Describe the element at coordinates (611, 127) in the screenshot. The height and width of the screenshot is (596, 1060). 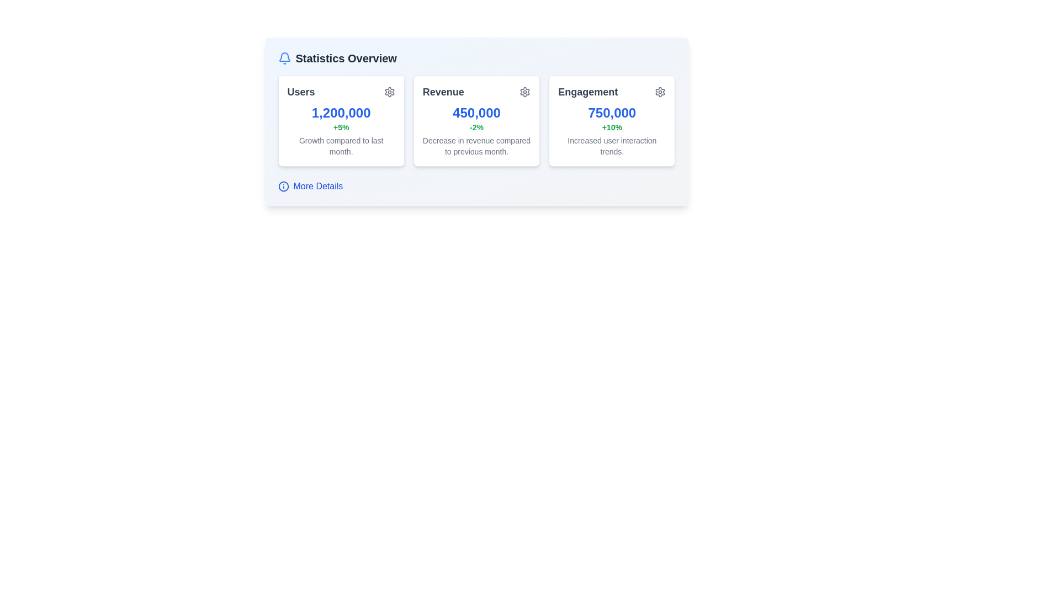
I see `the visual style of the text label indicating positive percentage change in the engagement metric, located within the 'Engagement' card below '750,000' and above 'Increased user interaction trends'` at that location.